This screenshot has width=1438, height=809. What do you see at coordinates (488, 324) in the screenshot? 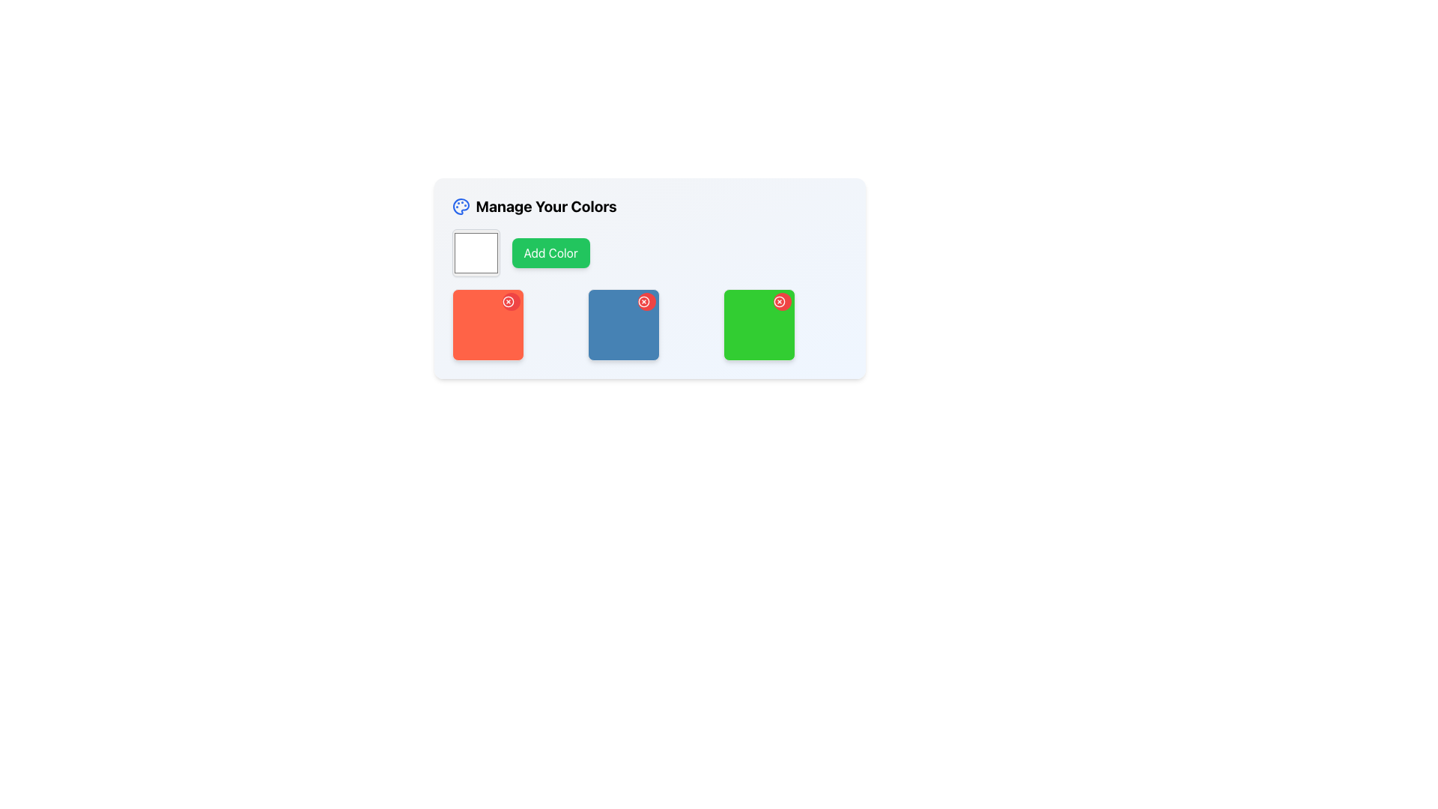
I see `the first colored square in the Manage Your Colors interface, which has an interactive delete button, from its current position` at bounding box center [488, 324].